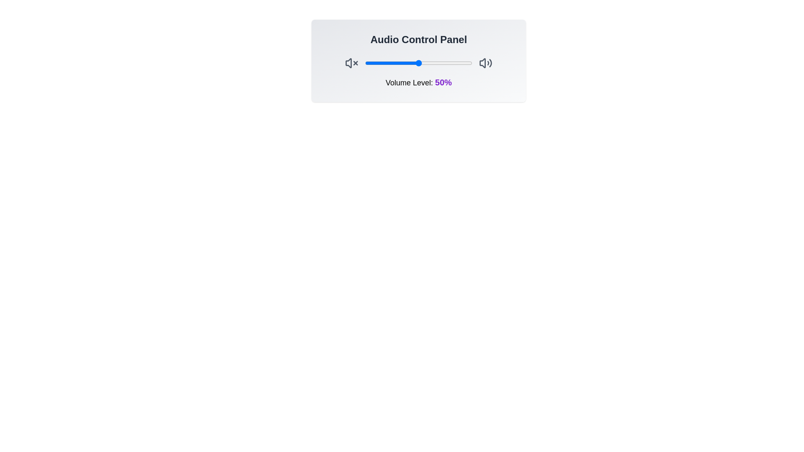 The height and width of the screenshot is (452, 804). What do you see at coordinates (371, 62) in the screenshot?
I see `volume` at bounding box center [371, 62].